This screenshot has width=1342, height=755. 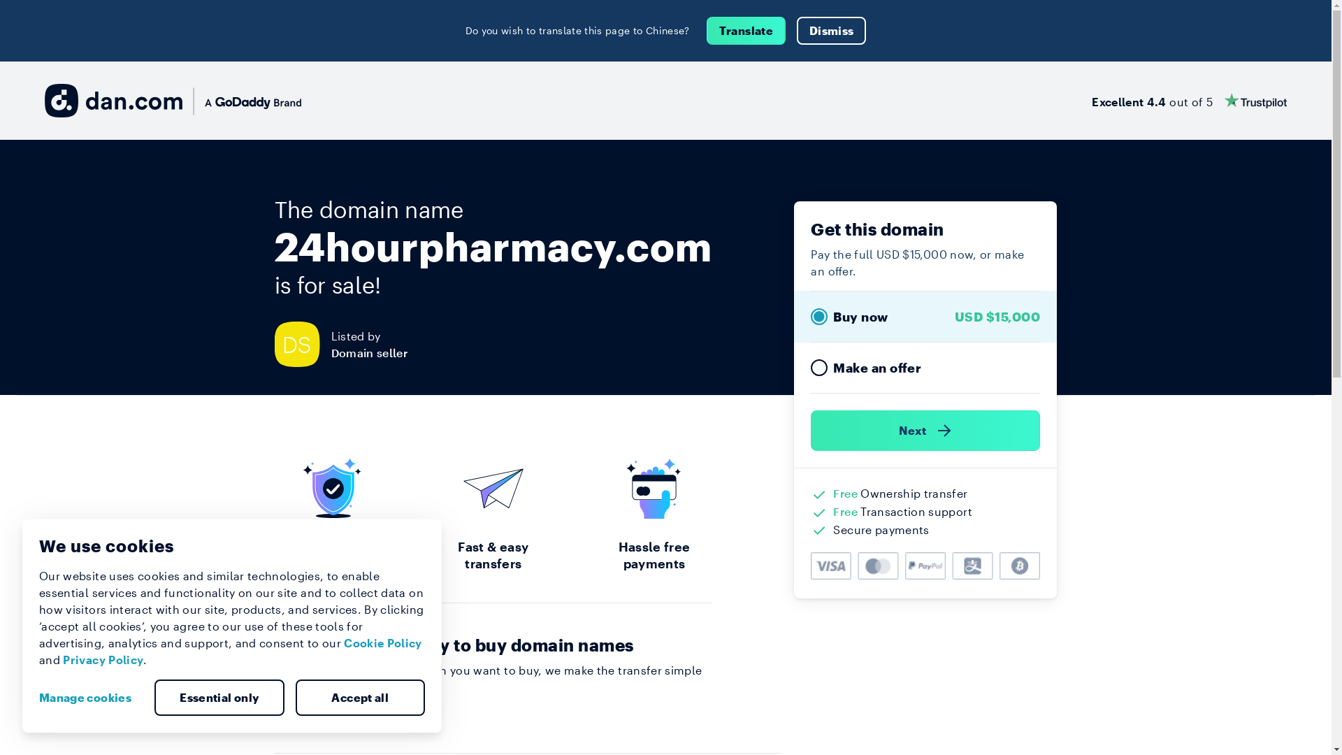 I want to click on 'Next, so click(x=925, y=430).